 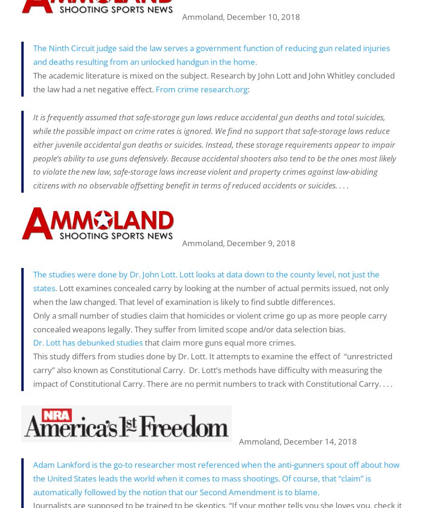 What do you see at coordinates (88, 342) in the screenshot?
I see `'Dr. Lott has debunked studies'` at bounding box center [88, 342].